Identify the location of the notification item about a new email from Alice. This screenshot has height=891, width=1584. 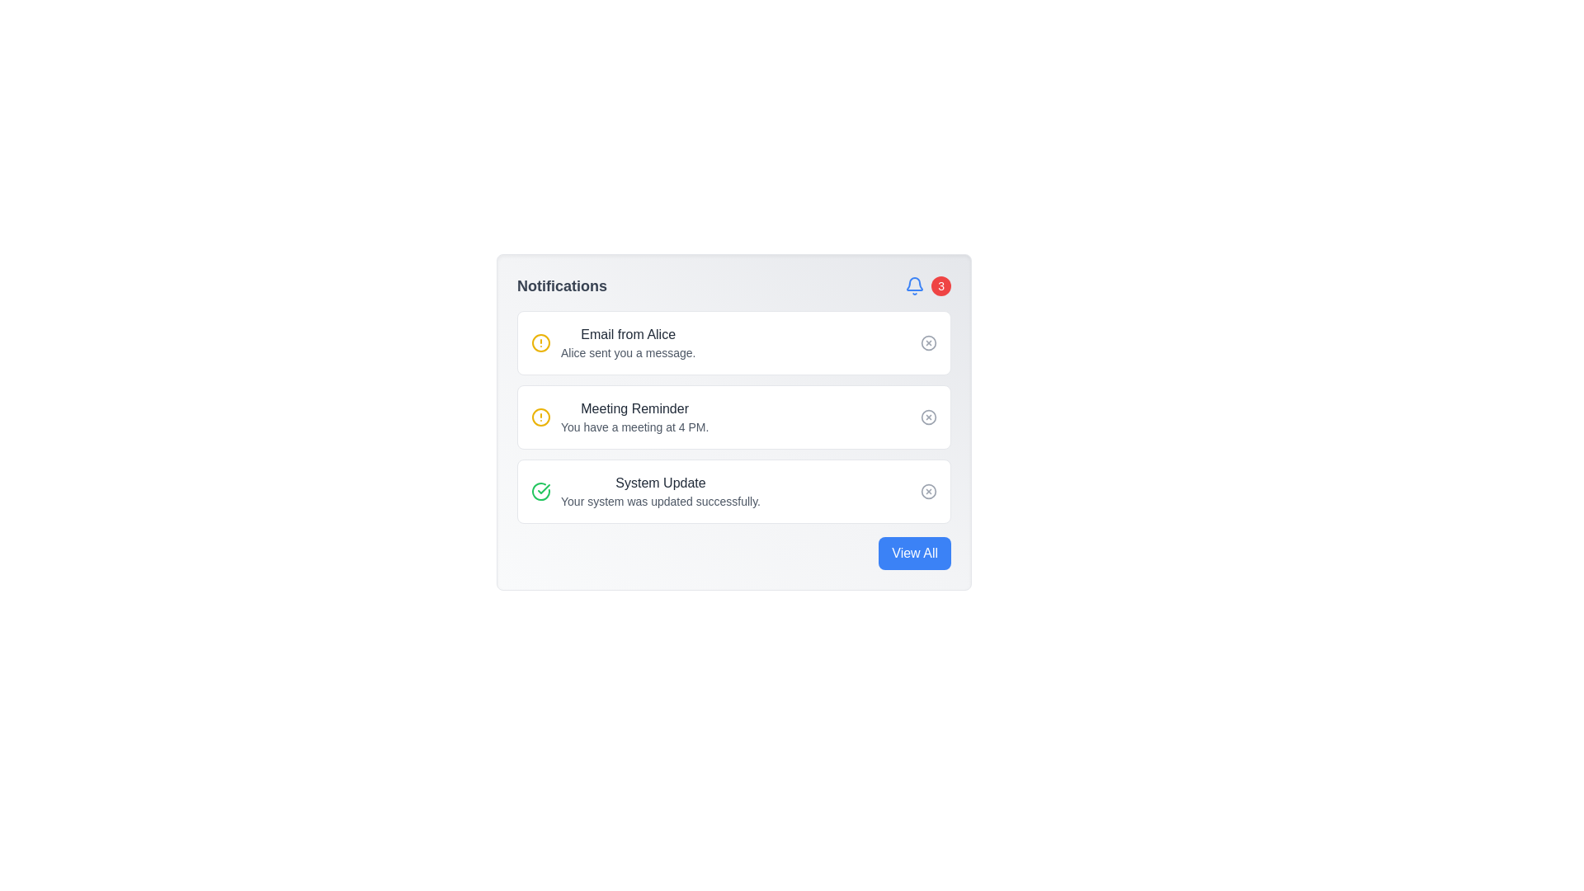
(612, 342).